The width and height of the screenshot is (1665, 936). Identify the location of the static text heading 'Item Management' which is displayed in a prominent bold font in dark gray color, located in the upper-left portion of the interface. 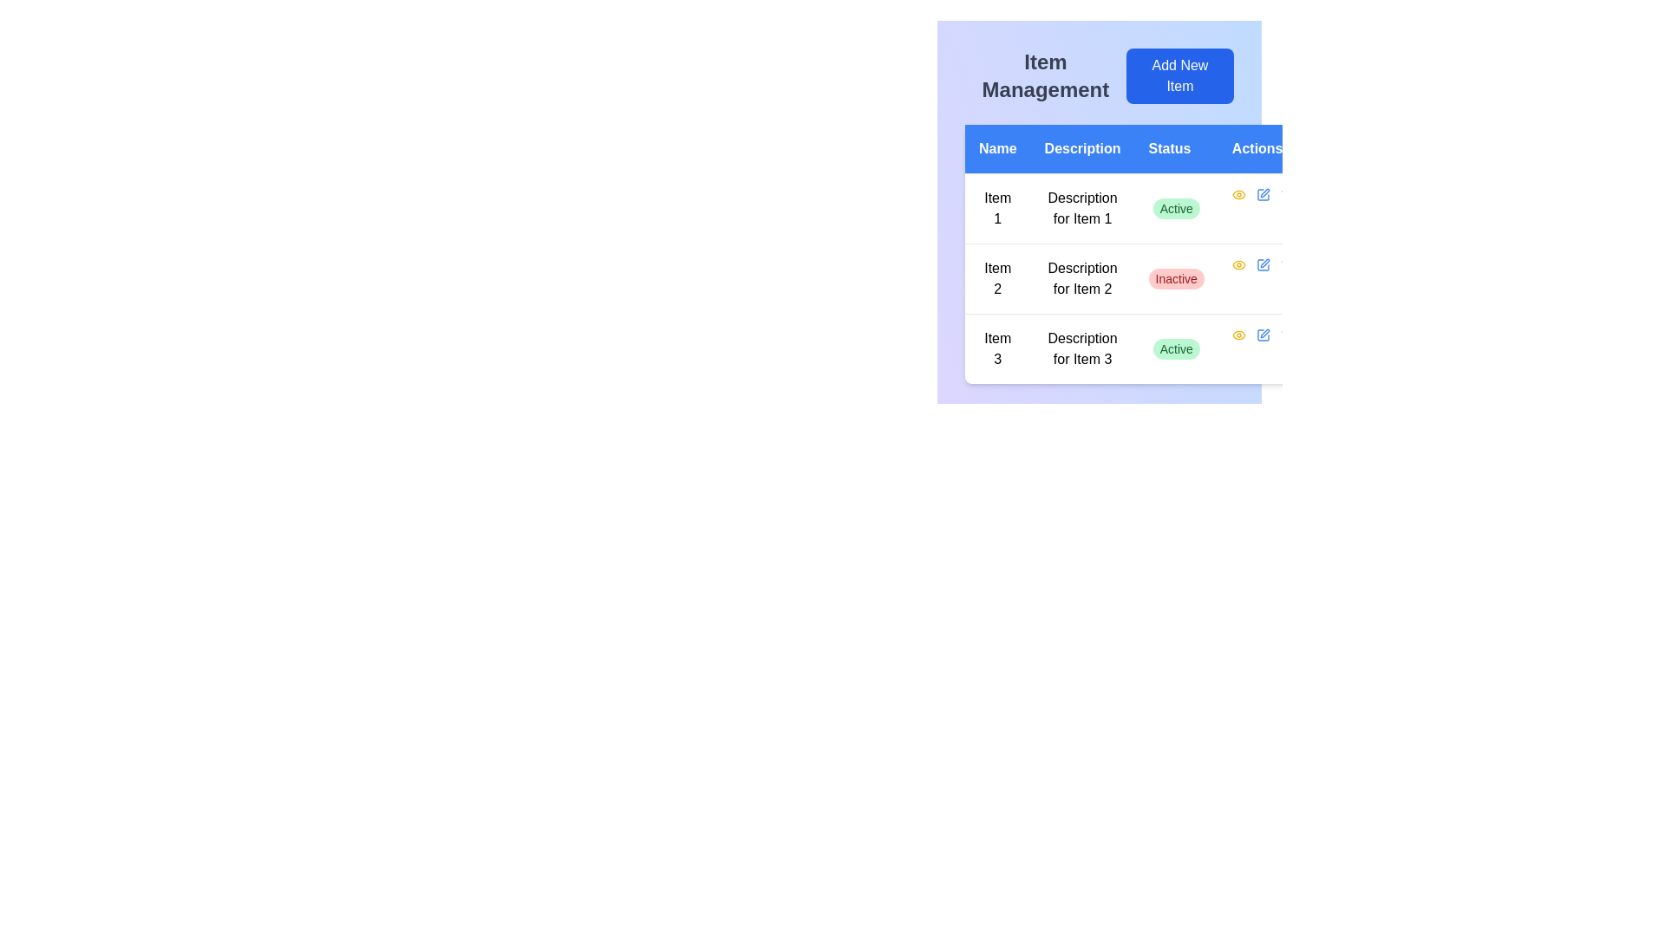
(1044, 75).